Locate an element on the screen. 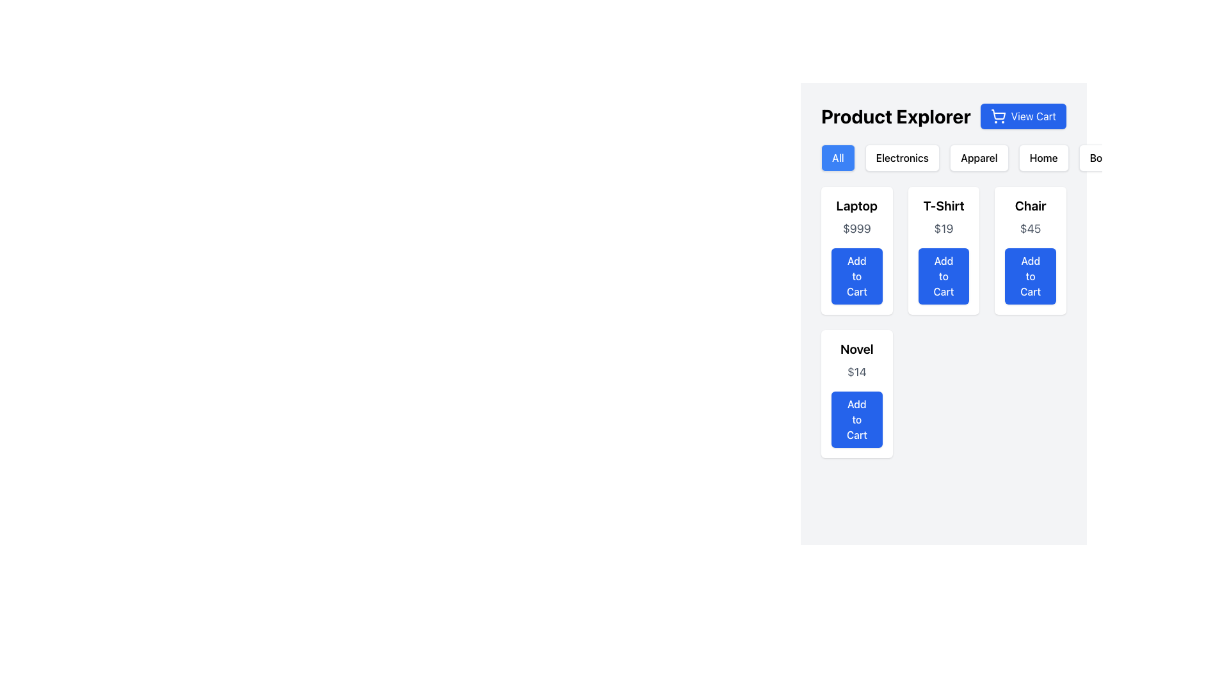  the 'Apparel' button, which is the third button in the category list under 'Product Explorer', to filter the displayed products to show only items in the Apparel category is located at coordinates (978, 157).